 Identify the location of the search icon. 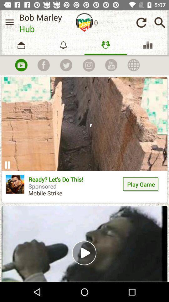
(160, 22).